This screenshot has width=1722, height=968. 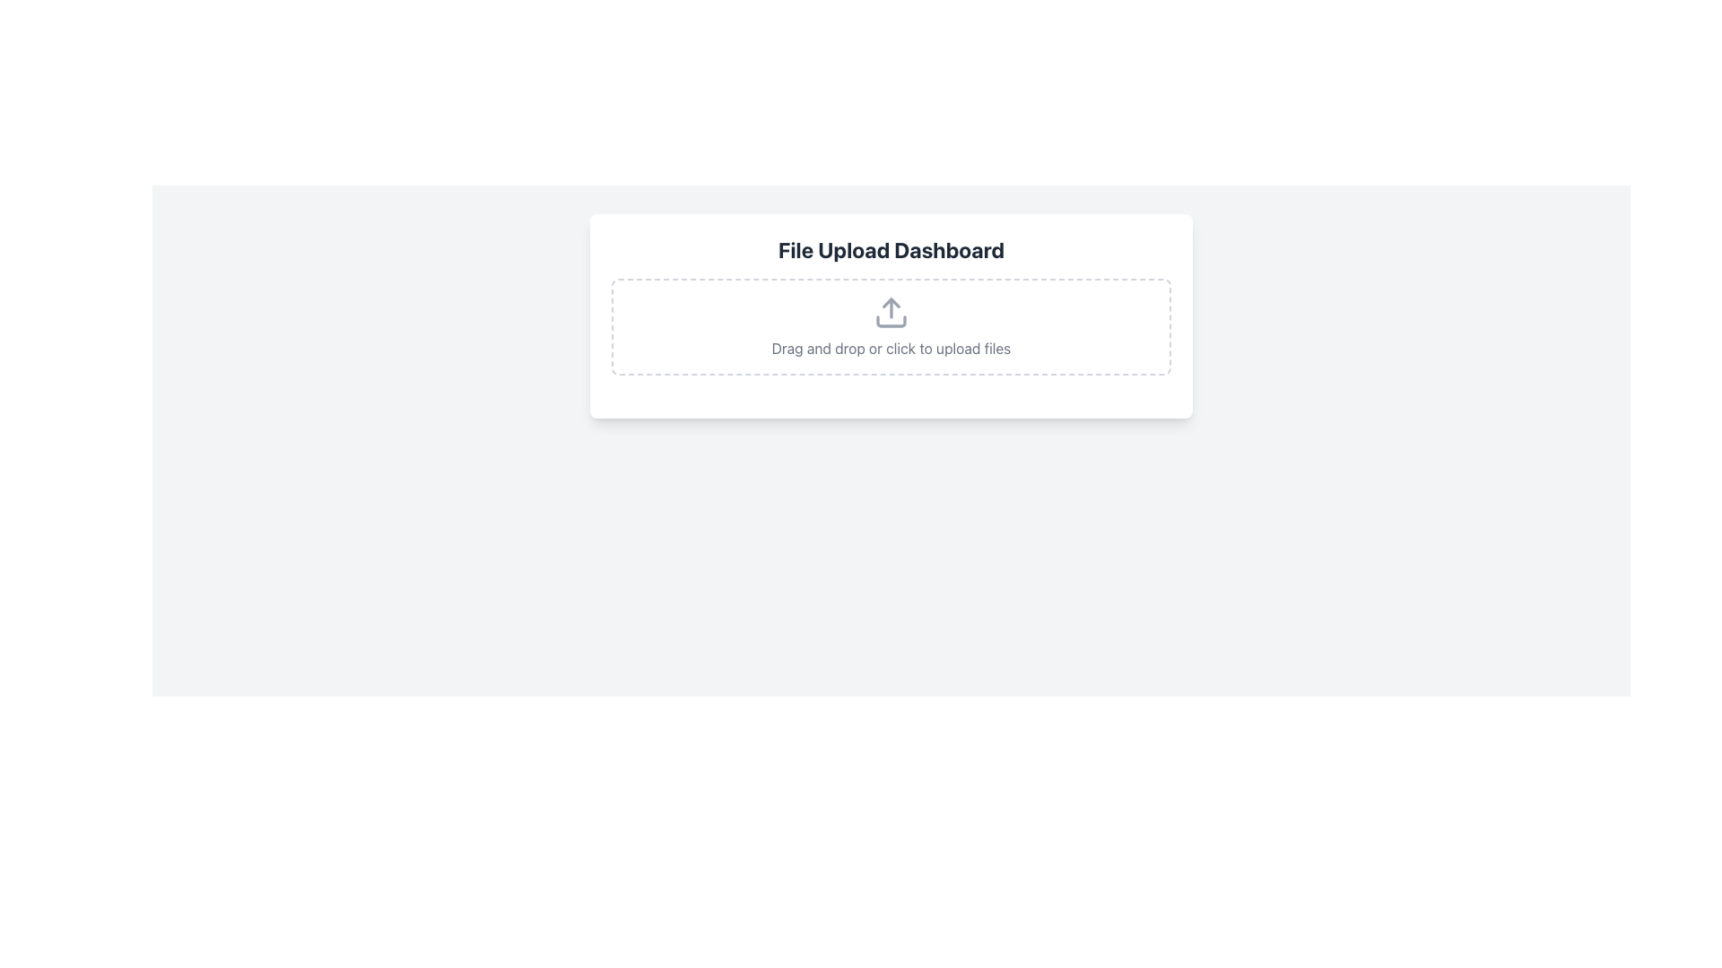 I want to click on the text header displaying 'File Upload Dashboard', which is styled in bold with a 2XL font and positioned at the top of a centered white card, so click(x=891, y=249).